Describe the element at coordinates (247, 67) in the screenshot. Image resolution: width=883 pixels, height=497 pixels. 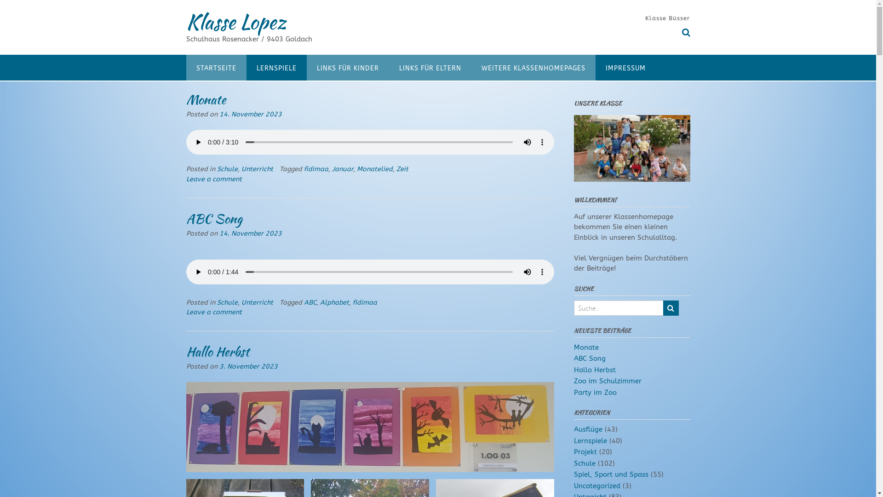
I see `'LERNSPIELE'` at that location.